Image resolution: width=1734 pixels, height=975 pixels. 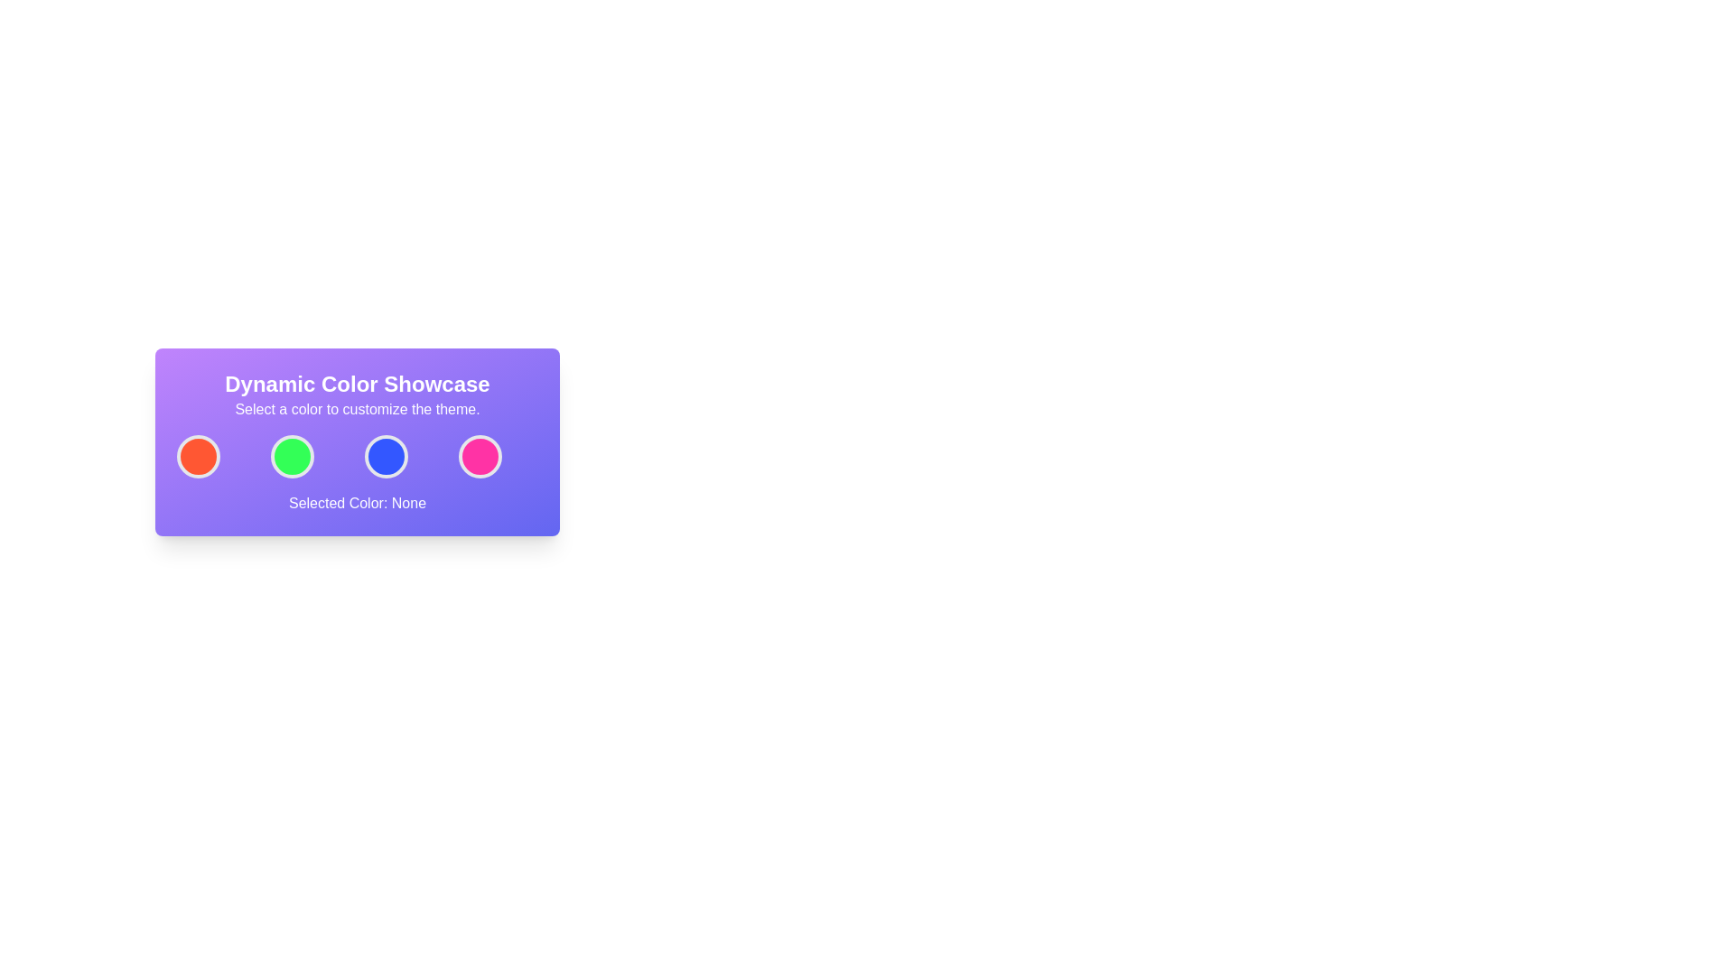 I want to click on the Static Text Display that shows 'Selected Color: None' with a white font on a purple gradient background located at the bottom of the color selection interface, so click(x=357, y=504).